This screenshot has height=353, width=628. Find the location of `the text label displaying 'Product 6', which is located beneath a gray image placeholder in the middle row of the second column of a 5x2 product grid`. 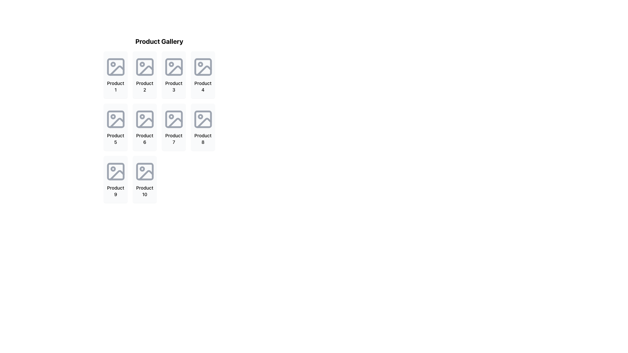

the text label displaying 'Product 6', which is located beneath a gray image placeholder in the middle row of the second column of a 5x2 product grid is located at coordinates (144, 138).